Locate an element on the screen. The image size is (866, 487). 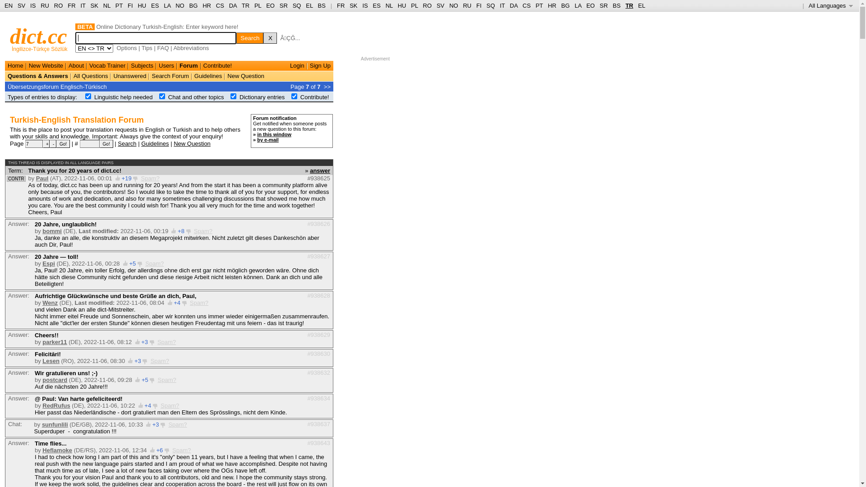
'Spam?' is located at coordinates (151, 360).